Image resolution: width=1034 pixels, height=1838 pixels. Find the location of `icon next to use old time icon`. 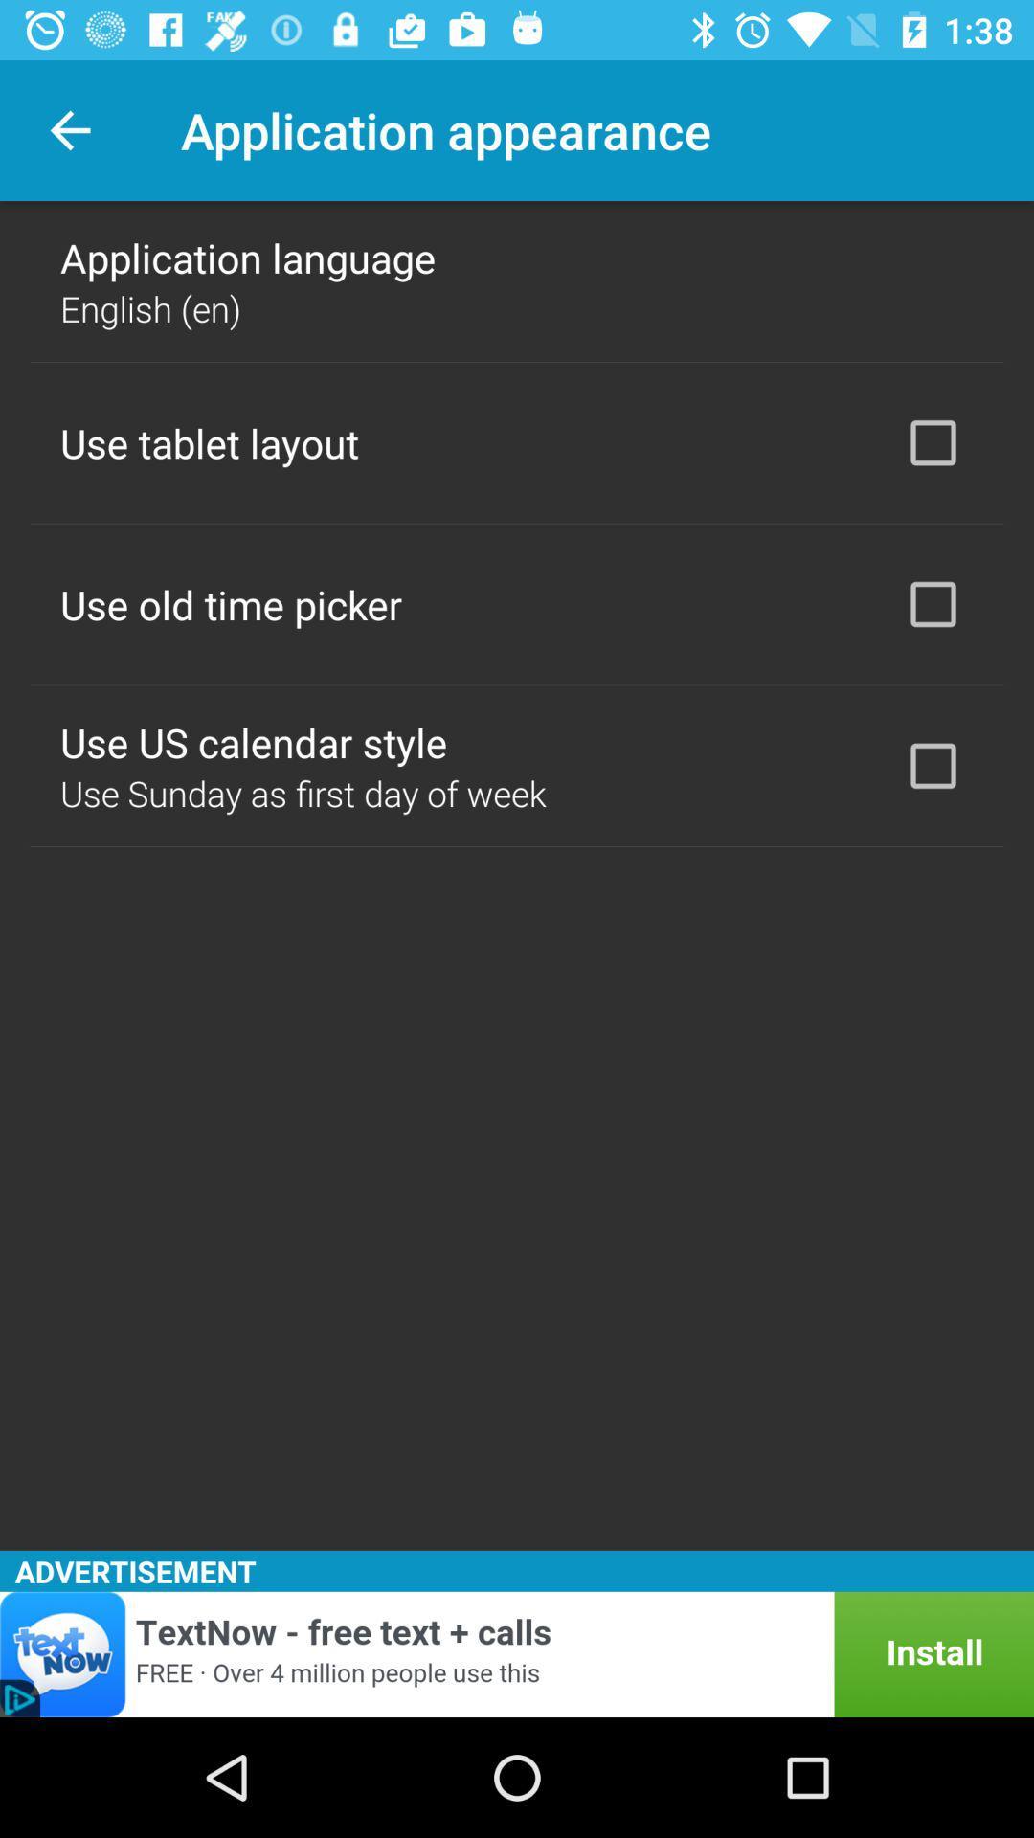

icon next to use old time icon is located at coordinates (933, 603).